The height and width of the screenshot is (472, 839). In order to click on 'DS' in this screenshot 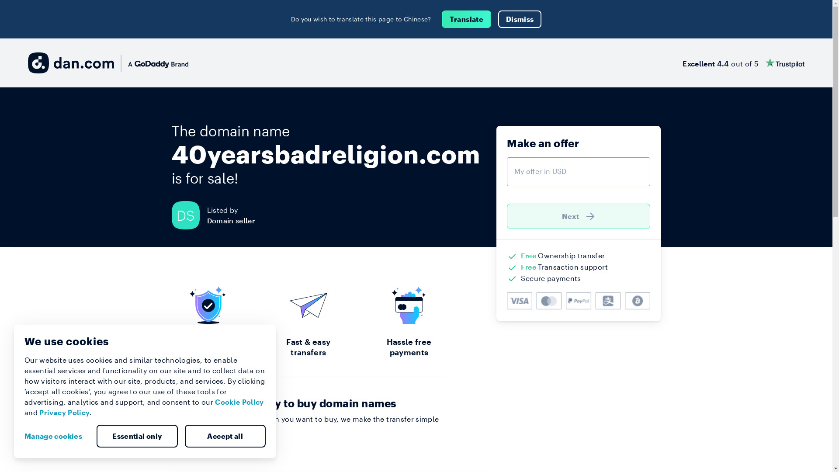, I will do `click(188, 215)`.